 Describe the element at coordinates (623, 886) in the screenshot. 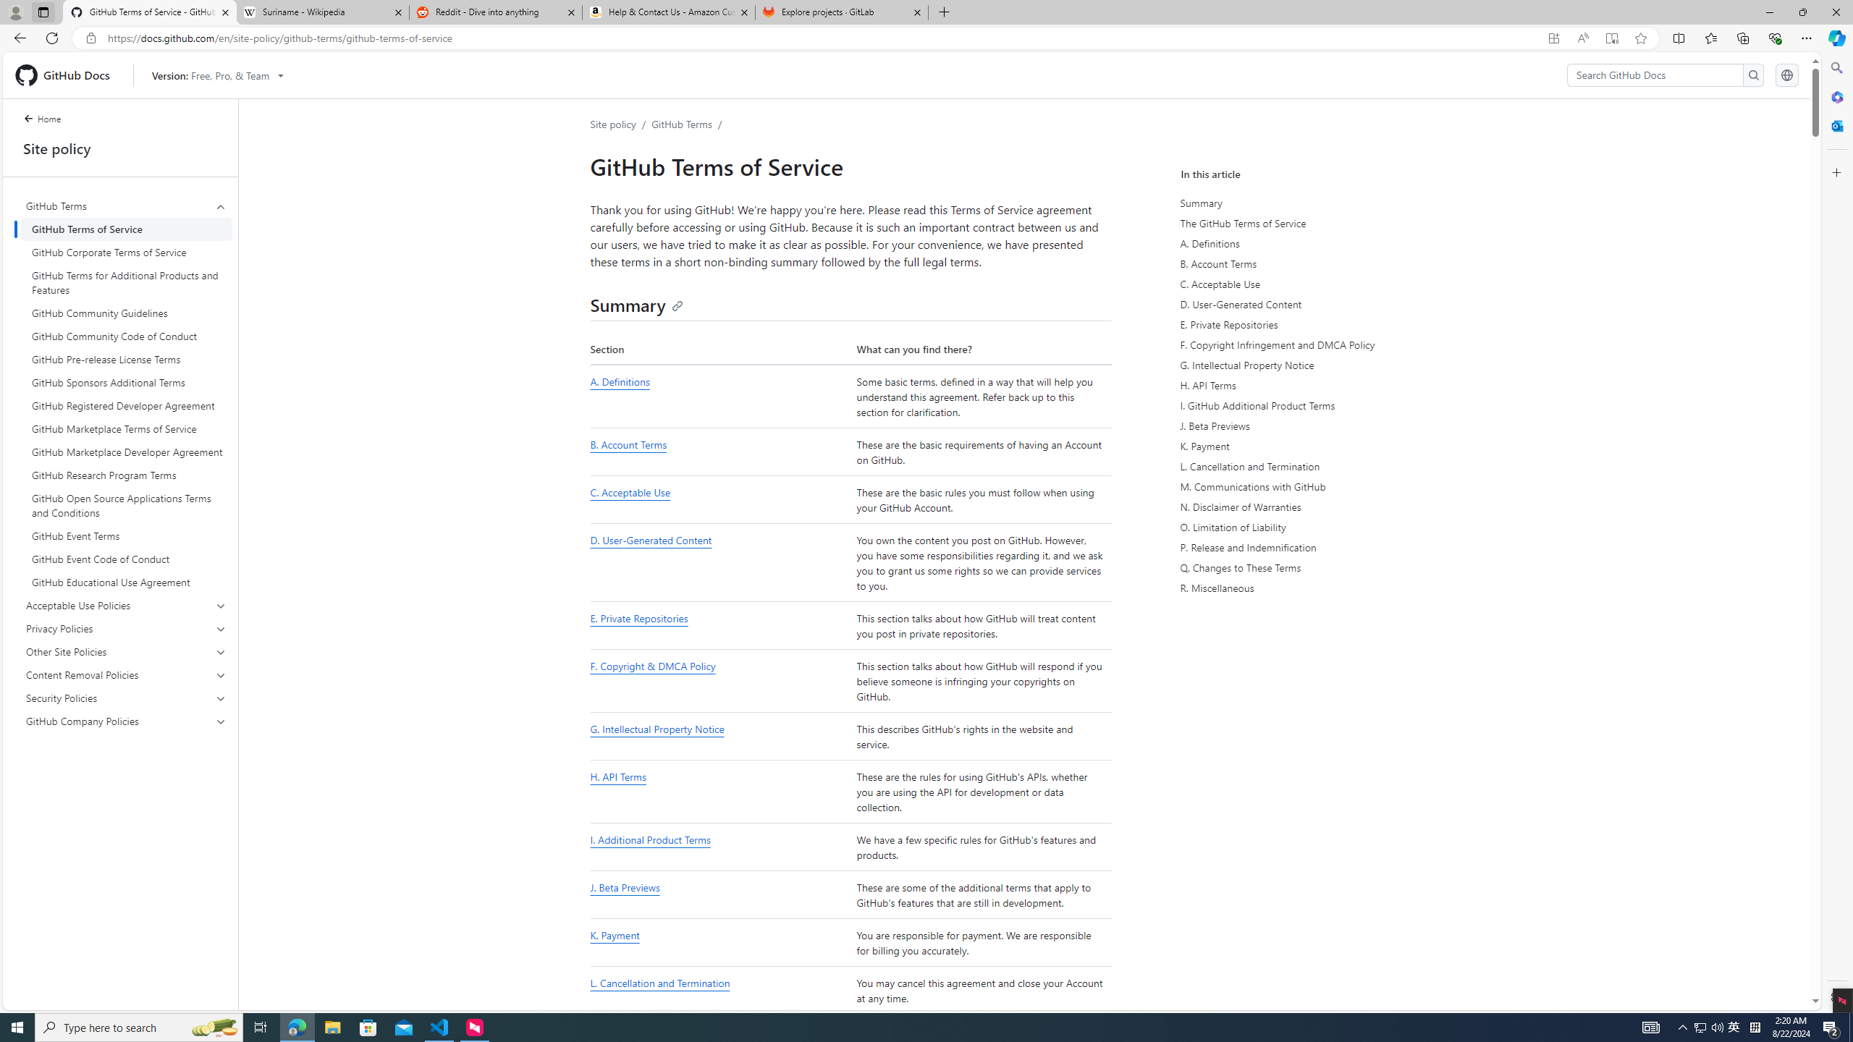

I see `'J. Beta Previews'` at that location.